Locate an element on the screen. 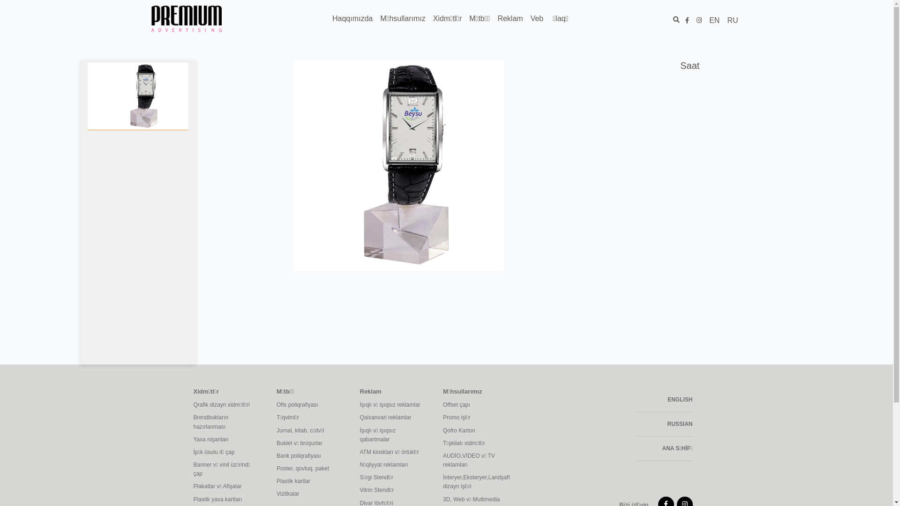  'Reklam' is located at coordinates (493, 18).